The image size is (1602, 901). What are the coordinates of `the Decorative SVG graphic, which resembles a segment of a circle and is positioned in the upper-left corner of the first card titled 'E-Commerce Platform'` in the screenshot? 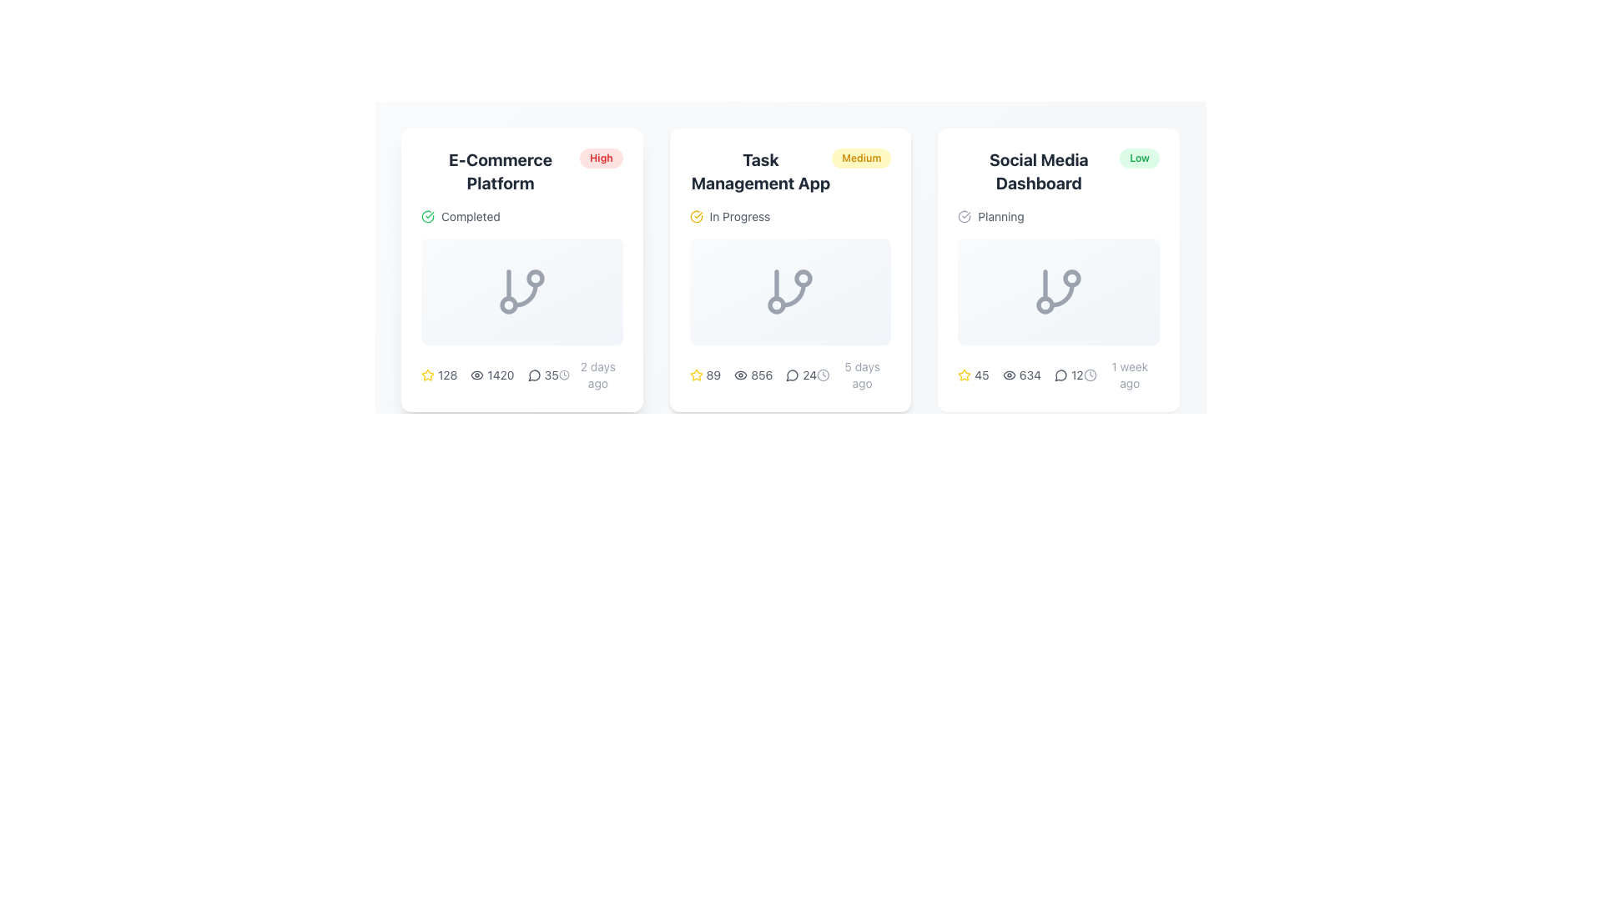 It's located at (428, 215).